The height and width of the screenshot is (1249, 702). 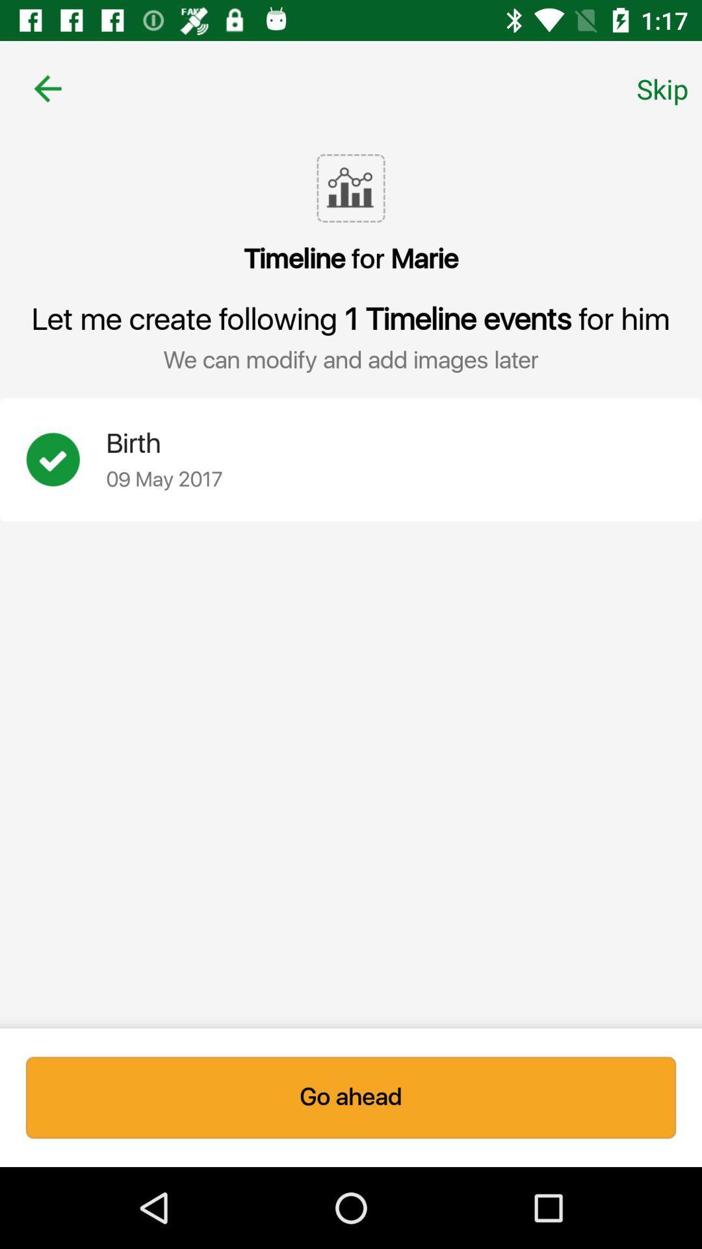 What do you see at coordinates (47, 88) in the screenshot?
I see `the icon to the left of skip item` at bounding box center [47, 88].